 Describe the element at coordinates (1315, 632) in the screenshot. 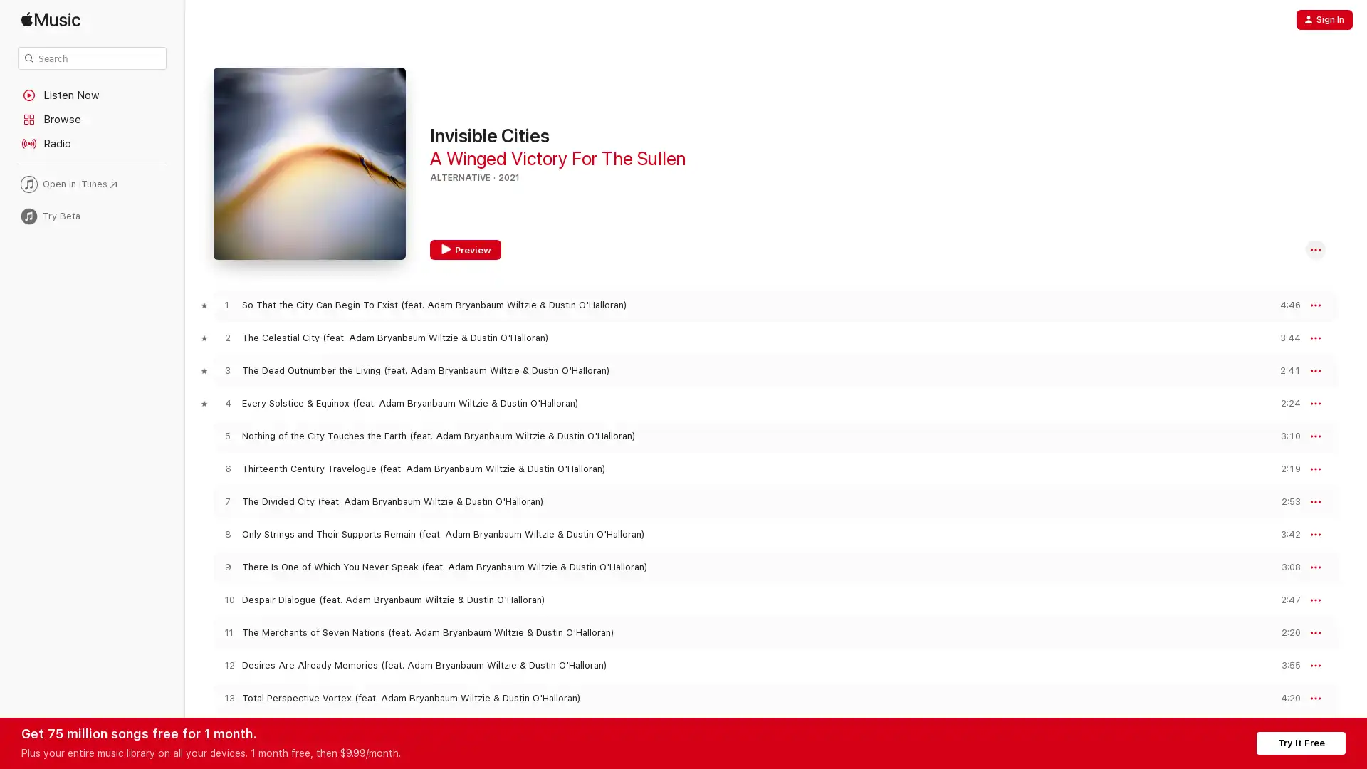

I see `More` at that location.